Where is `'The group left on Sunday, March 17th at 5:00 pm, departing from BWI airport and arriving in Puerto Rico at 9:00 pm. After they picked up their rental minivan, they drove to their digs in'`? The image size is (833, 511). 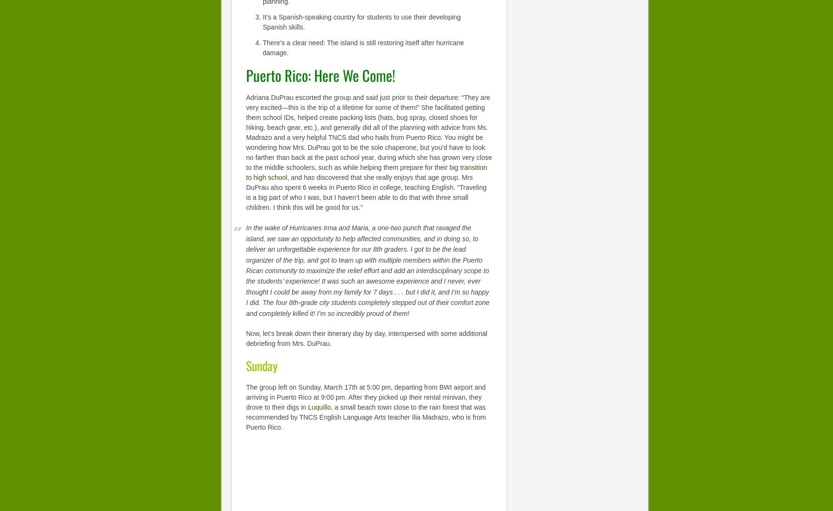 'The group left on Sunday, March 17th at 5:00 pm, departing from BWI airport and arriving in Puerto Rico at 9:00 pm. After they picked up their rental minivan, they drove to their digs in' is located at coordinates (365, 397).